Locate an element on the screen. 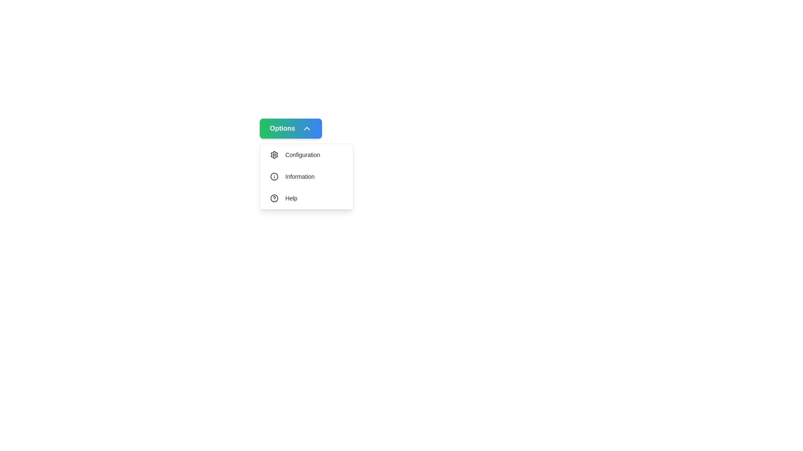  the second entry in the vertical dropdown menu, which is a navigational link or text label is located at coordinates (299, 176).